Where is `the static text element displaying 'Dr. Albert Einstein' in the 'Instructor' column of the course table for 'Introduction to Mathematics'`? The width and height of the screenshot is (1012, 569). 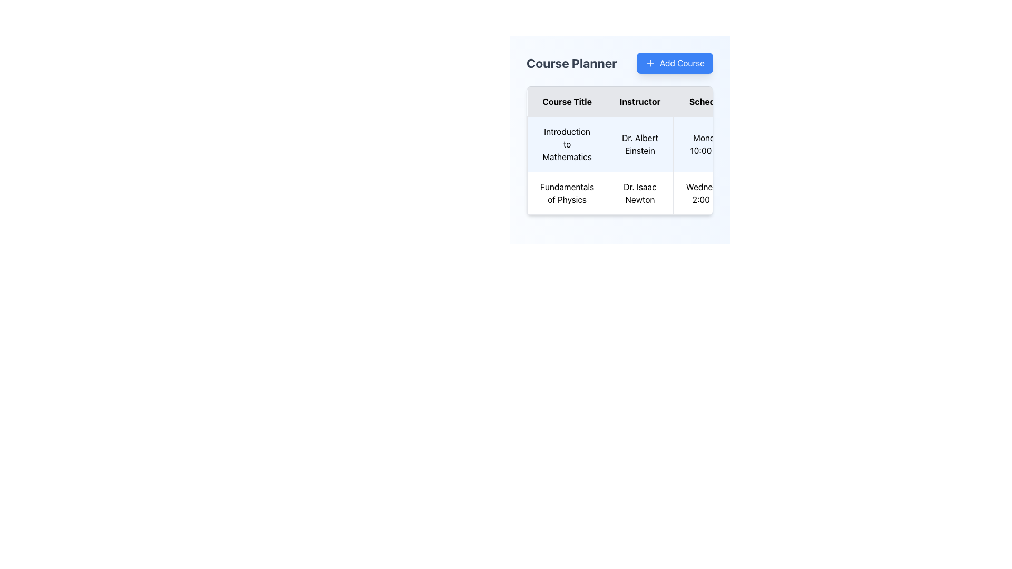 the static text element displaying 'Dr. Albert Einstein' in the 'Instructor' column of the course table for 'Introduction to Mathematics' is located at coordinates (639, 144).